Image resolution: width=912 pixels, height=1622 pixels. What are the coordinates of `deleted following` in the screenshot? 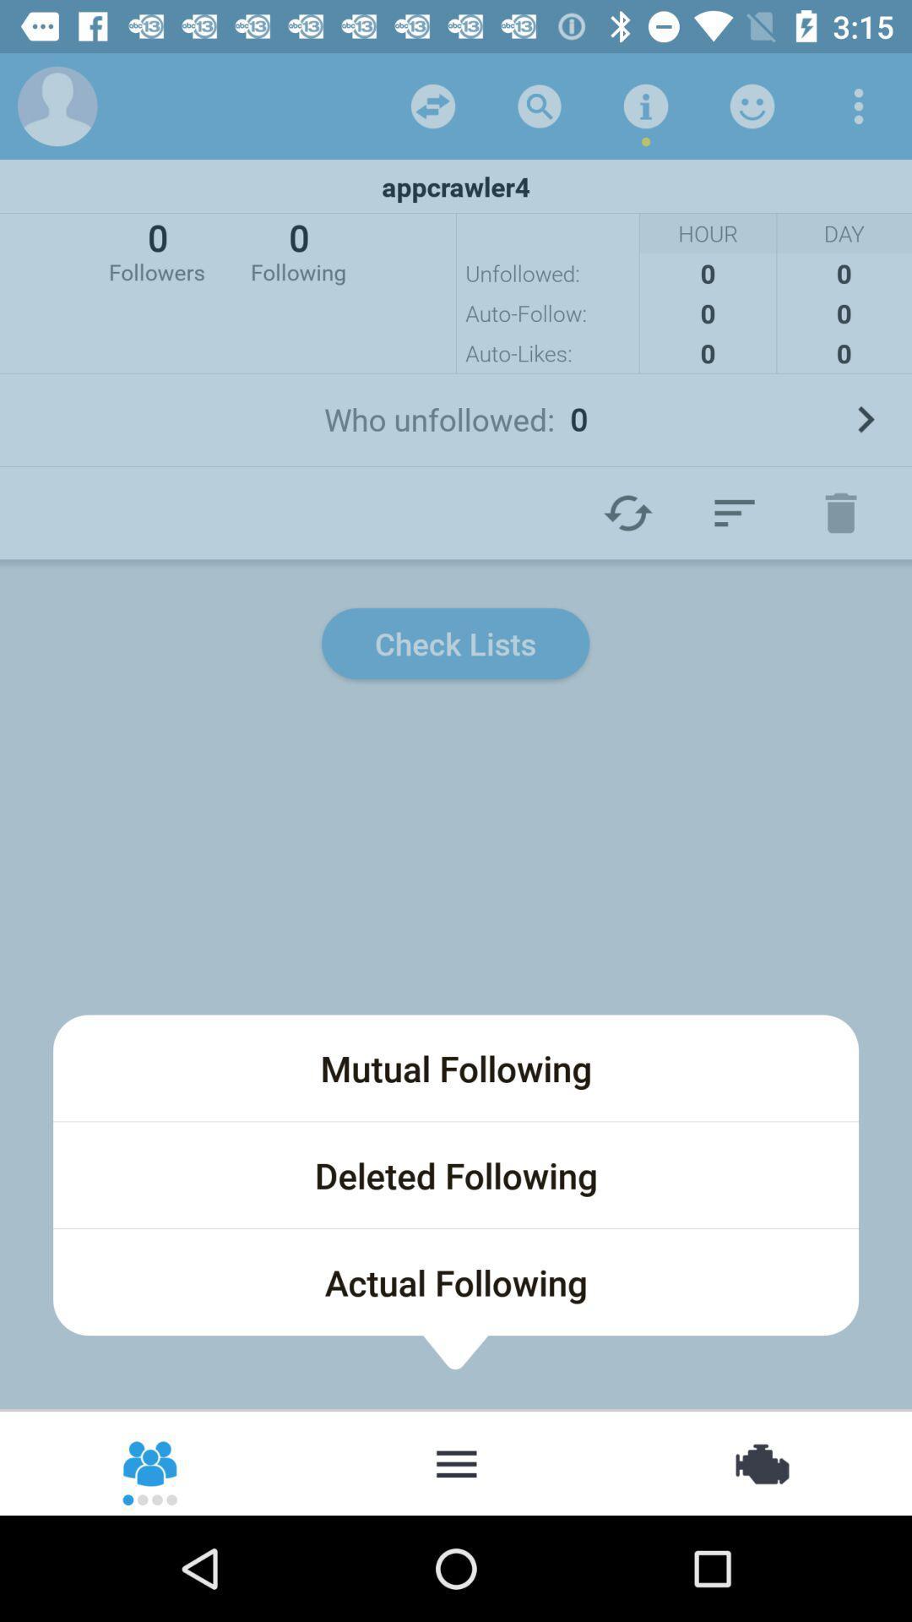 It's located at (456, 1174).